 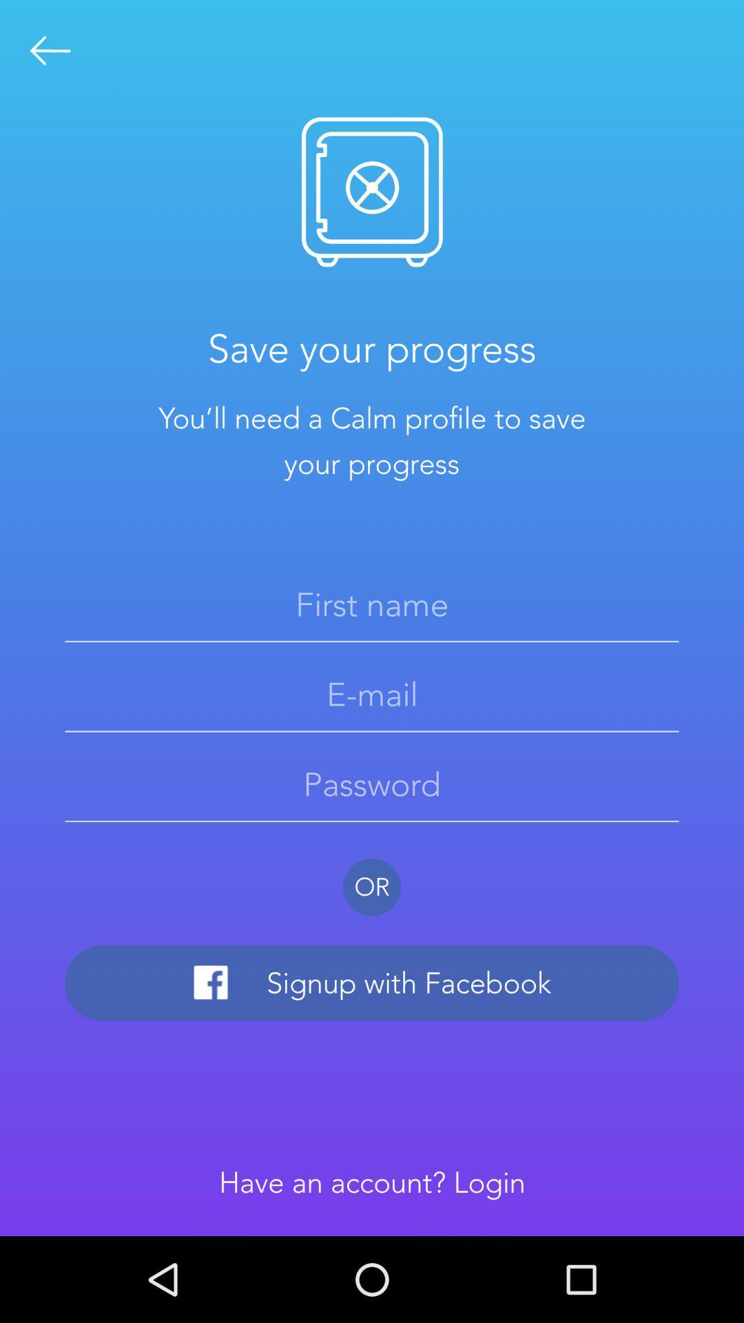 I want to click on item at the top left corner, so click(x=50, y=50).